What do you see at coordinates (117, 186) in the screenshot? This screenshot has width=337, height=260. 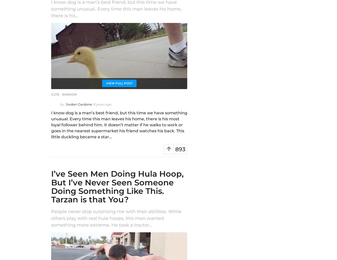 I see `'I’ve Seen Men Doing Hula Hoop, But I’ve Never Seen Someone Doing Something Like This. Tarzan is that You?'` at bounding box center [117, 186].